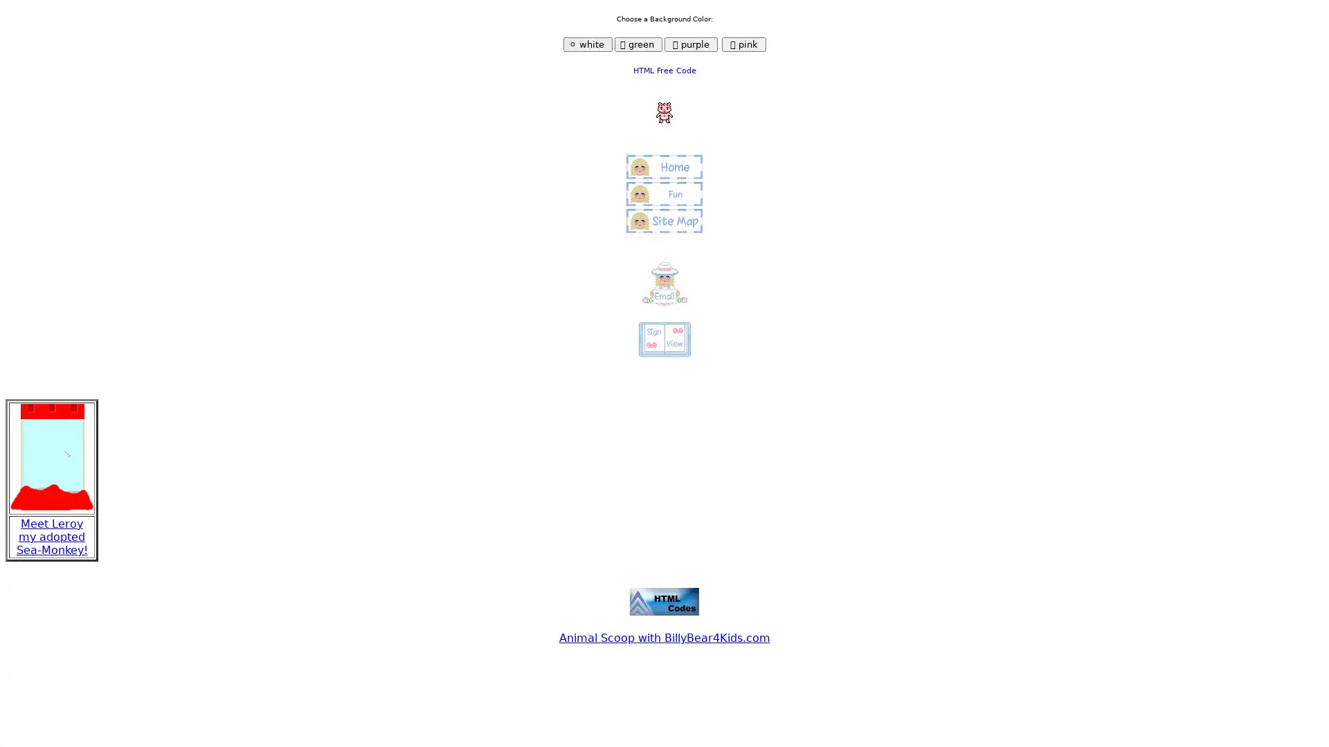  What do you see at coordinates (690, 44) in the screenshot?
I see `purple` at bounding box center [690, 44].